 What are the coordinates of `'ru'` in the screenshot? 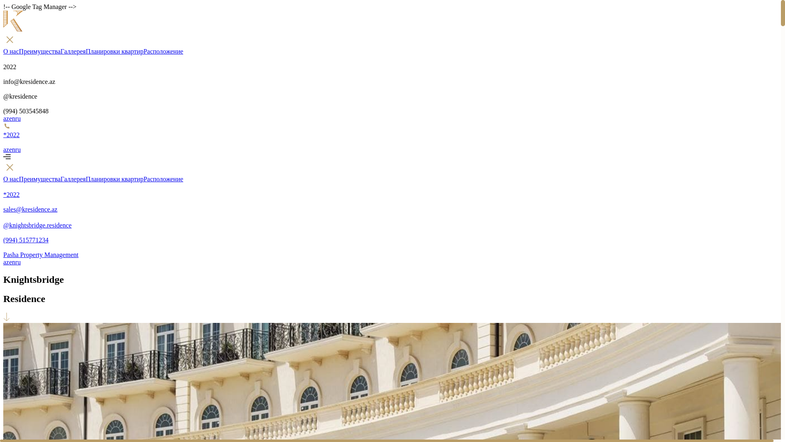 It's located at (18, 149).